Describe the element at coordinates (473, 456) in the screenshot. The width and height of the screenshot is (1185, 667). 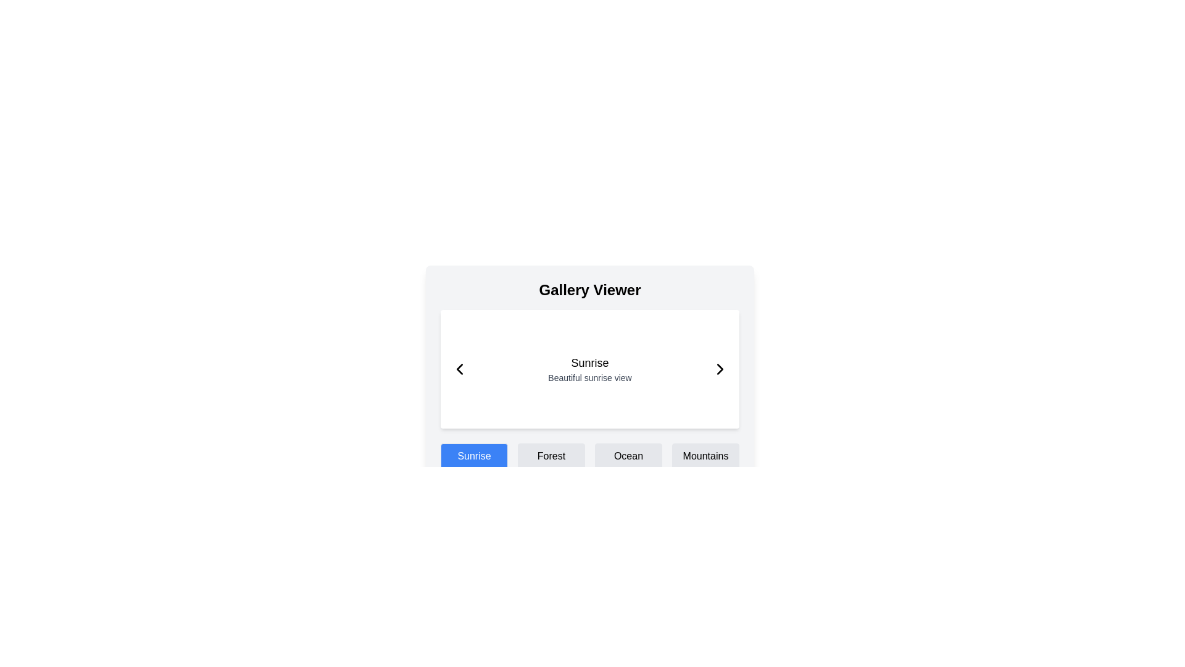
I see `the rectangular button with rounded corners labeled 'Sunrise'` at that location.